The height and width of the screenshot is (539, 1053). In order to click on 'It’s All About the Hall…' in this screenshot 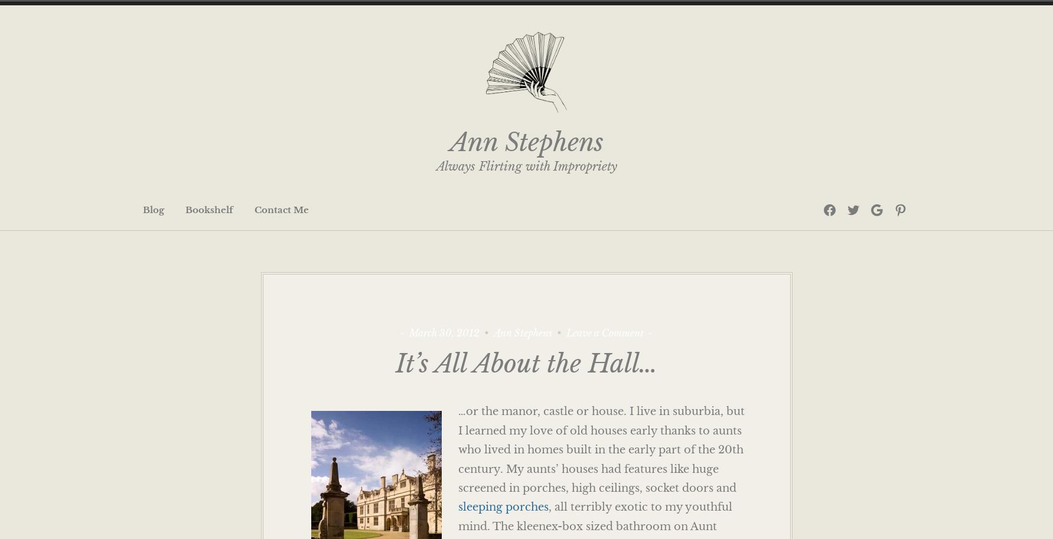, I will do `click(396, 364)`.